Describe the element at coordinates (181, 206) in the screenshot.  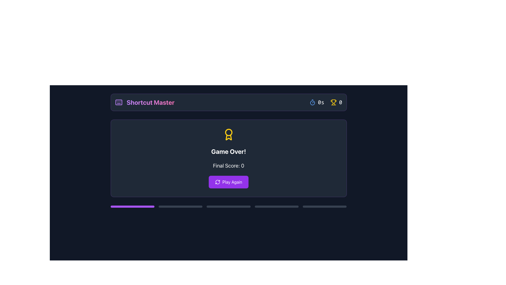
I see `the second progress indicator bar, which is positioned horizontally beneath a section displaying scores and options, located to the right of a purple bar and to the left of three gray bars` at that location.